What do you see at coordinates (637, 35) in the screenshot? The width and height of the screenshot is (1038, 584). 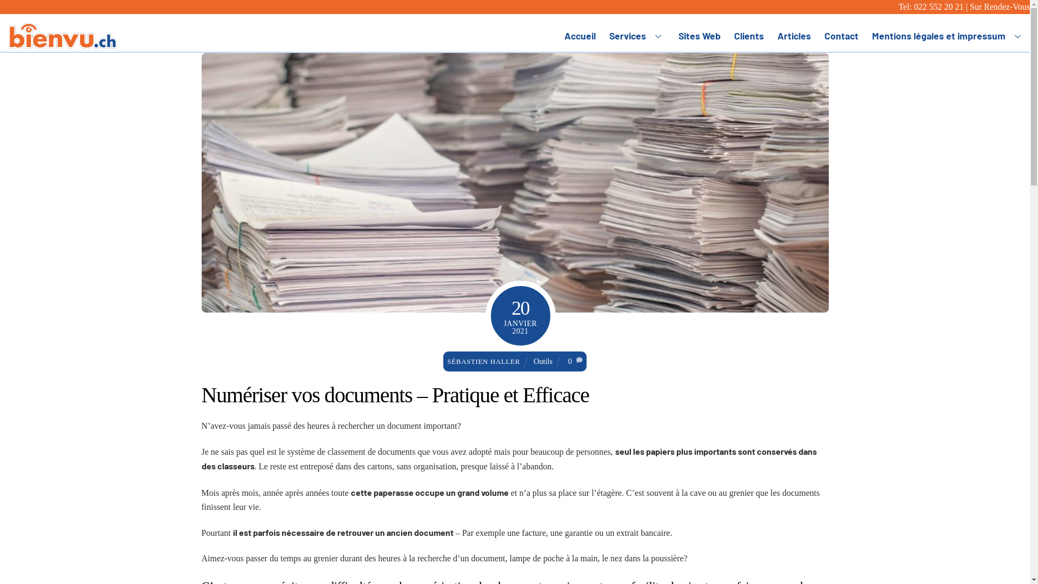 I see `'Services'` at bounding box center [637, 35].